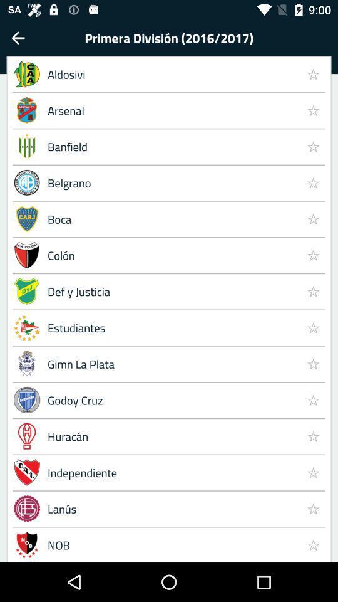 Image resolution: width=338 pixels, height=602 pixels. Describe the element at coordinates (312, 436) in the screenshot. I see `item to the right of godoy cruz icon` at that location.